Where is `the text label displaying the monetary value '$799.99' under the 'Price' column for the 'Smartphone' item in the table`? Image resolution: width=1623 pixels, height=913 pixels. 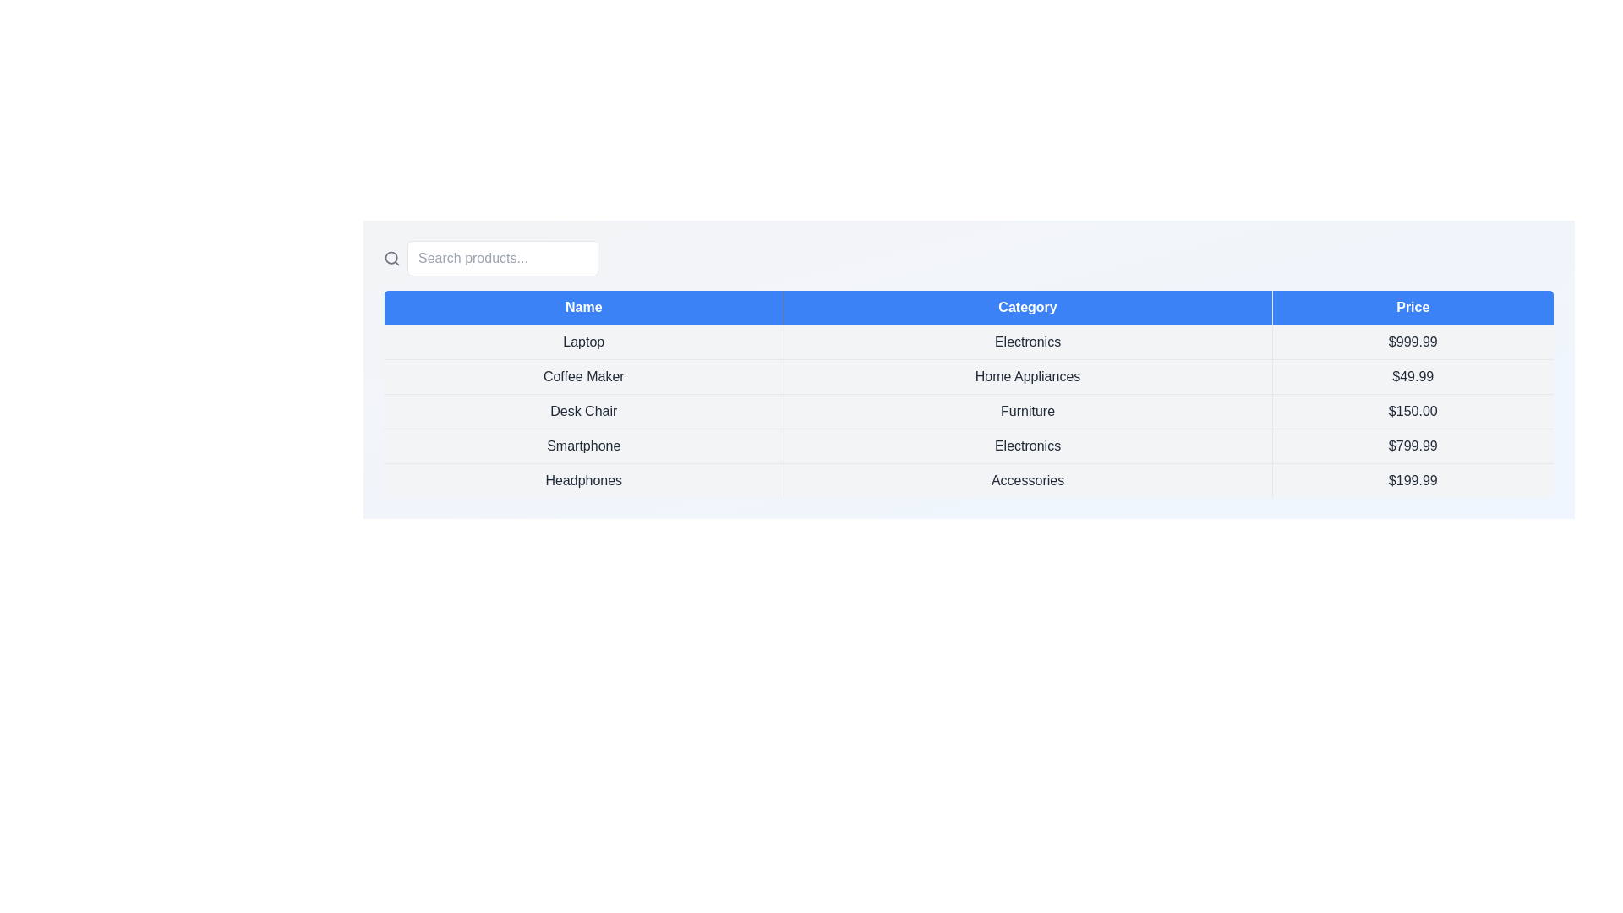 the text label displaying the monetary value '$799.99' under the 'Price' column for the 'Smartphone' item in the table is located at coordinates (1413, 446).